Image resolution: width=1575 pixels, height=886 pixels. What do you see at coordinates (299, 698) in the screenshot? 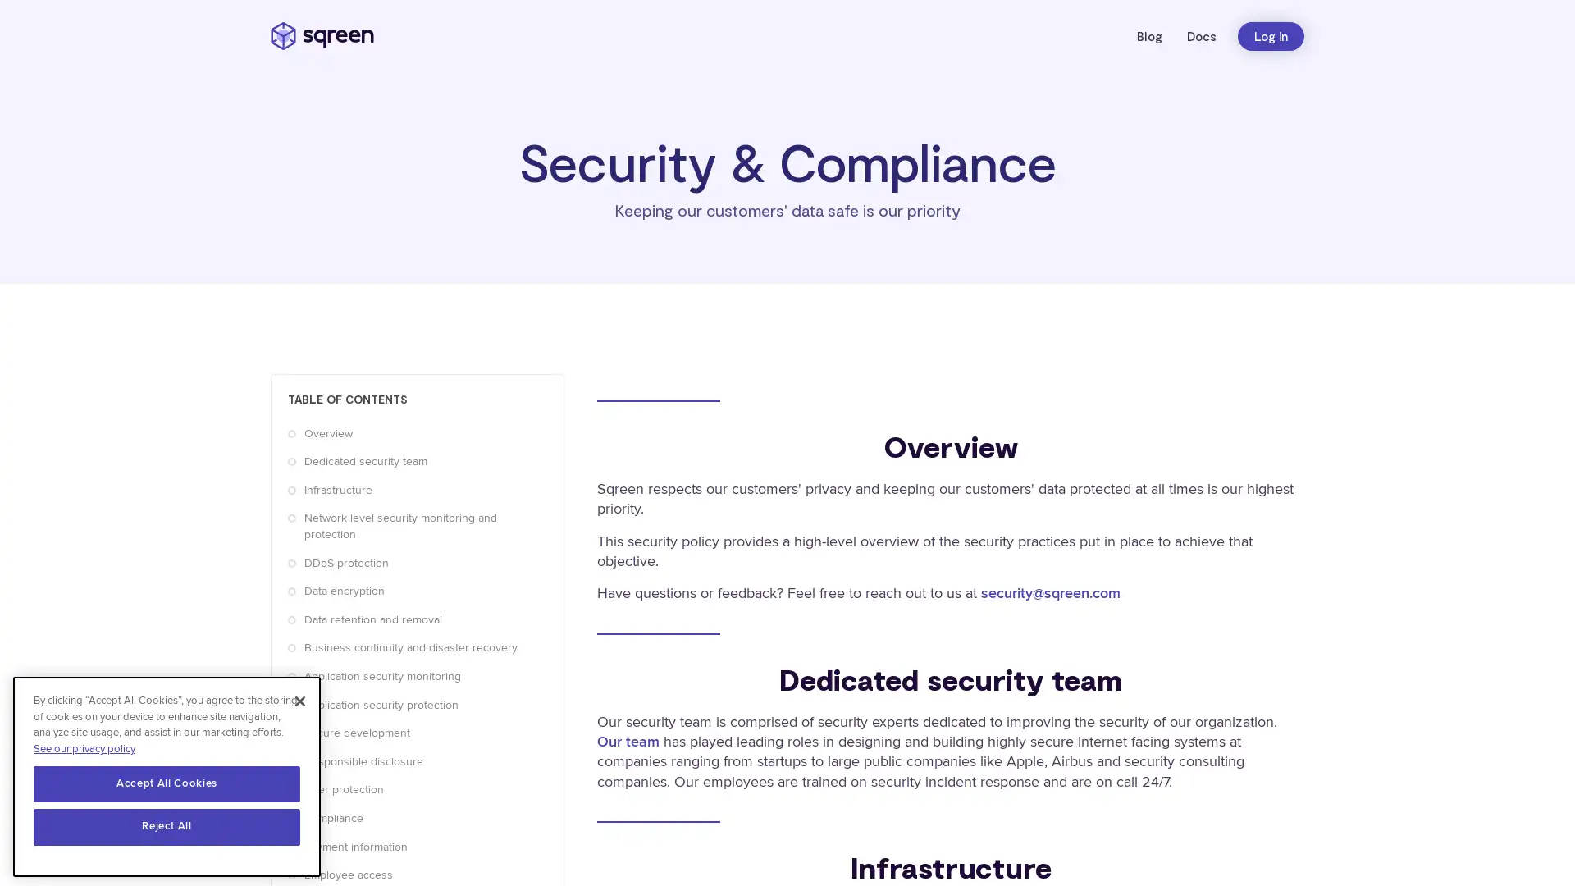
I see `Close` at bounding box center [299, 698].